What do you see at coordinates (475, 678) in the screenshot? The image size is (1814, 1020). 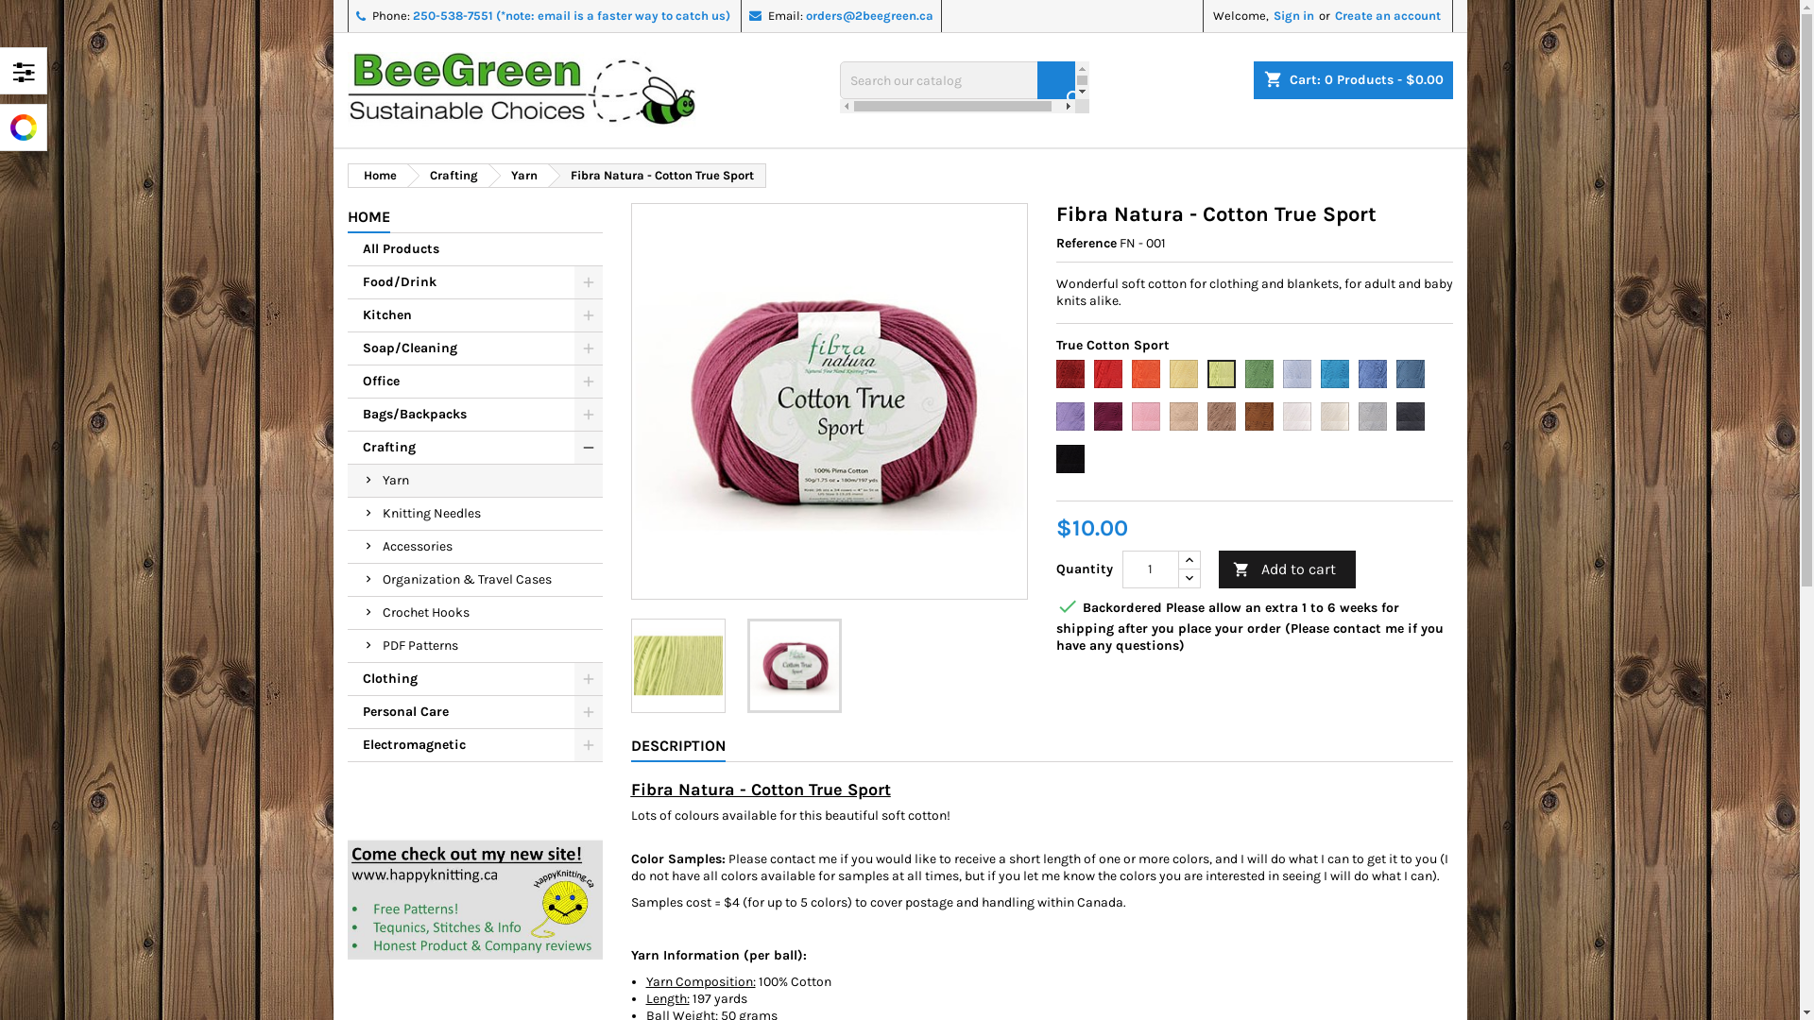 I see `'Clothing'` at bounding box center [475, 678].